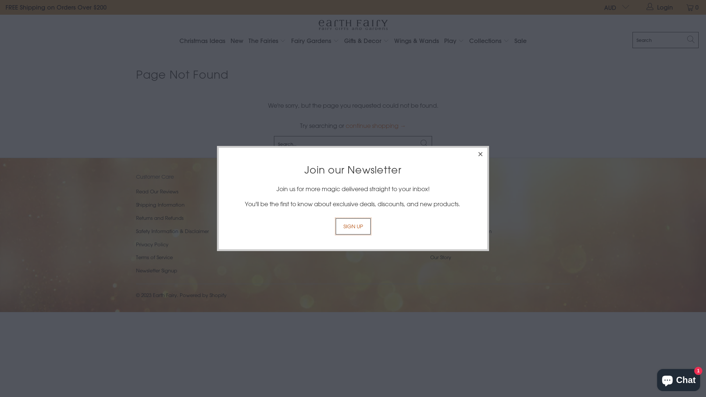 Image resolution: width=706 pixels, height=397 pixels. Describe the element at coordinates (160, 204) in the screenshot. I see `'Shipping Information'` at that location.